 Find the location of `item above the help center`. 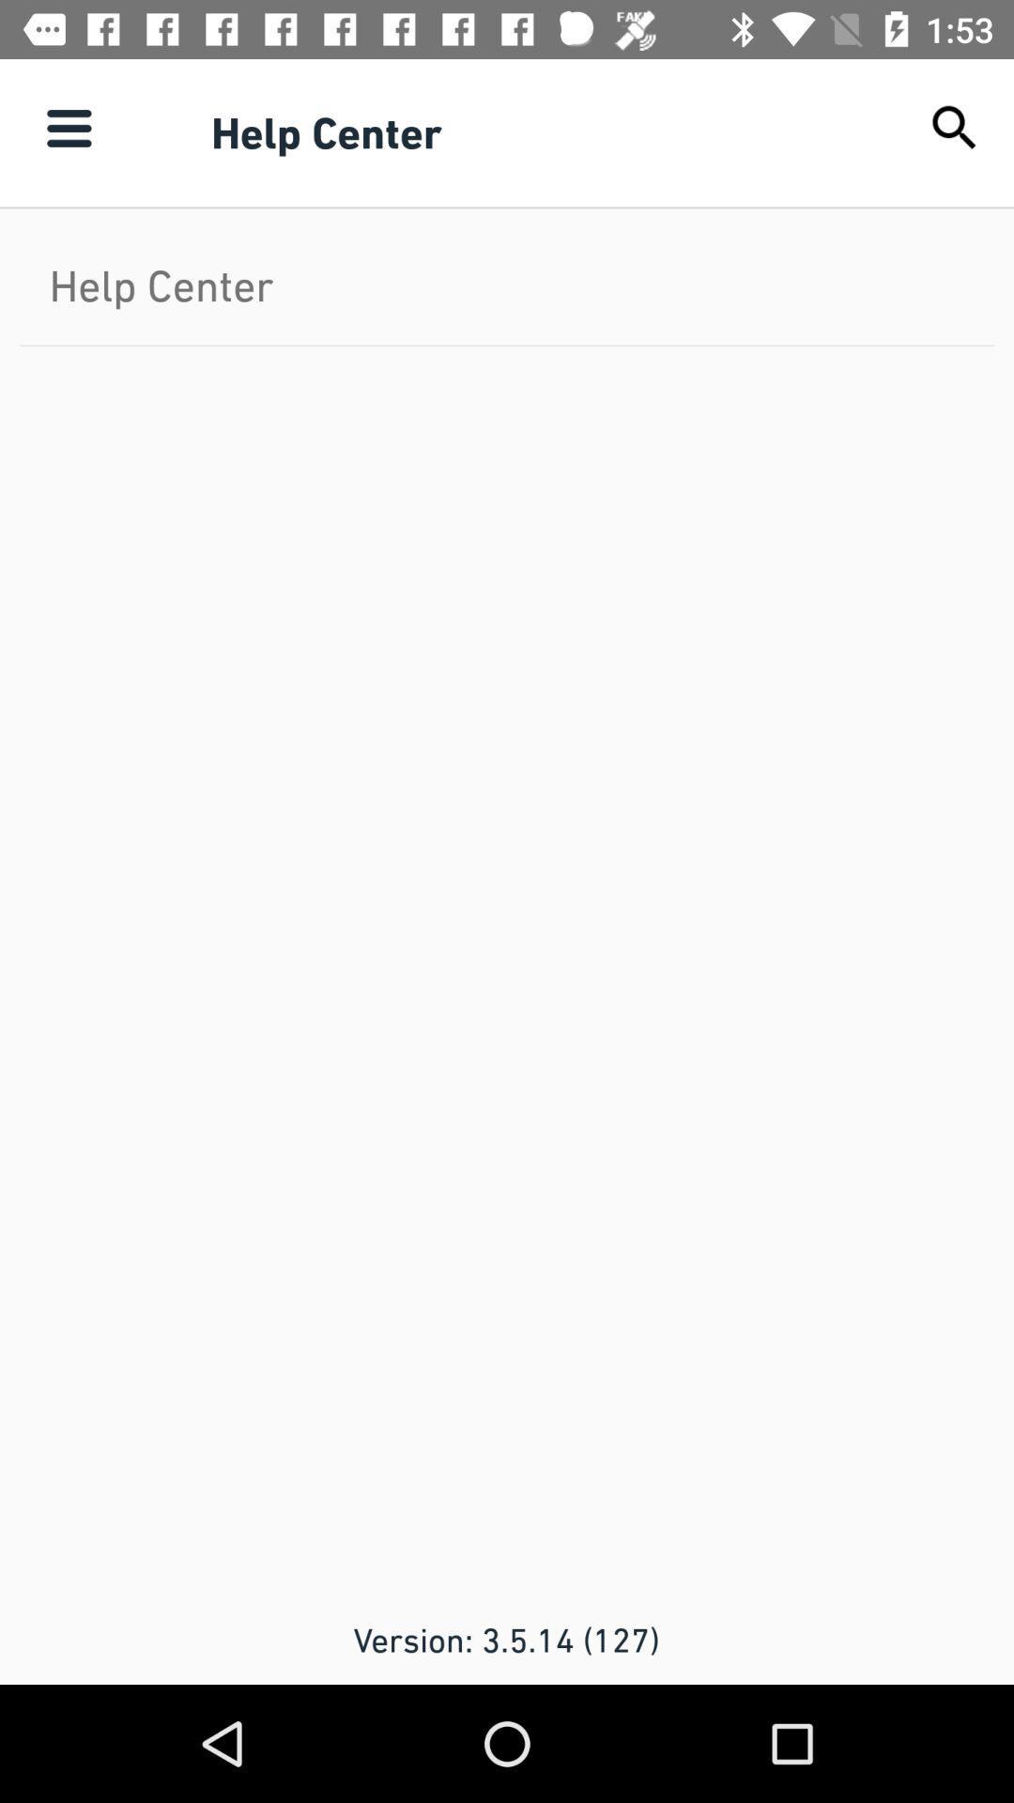

item above the help center is located at coordinates (955, 127).